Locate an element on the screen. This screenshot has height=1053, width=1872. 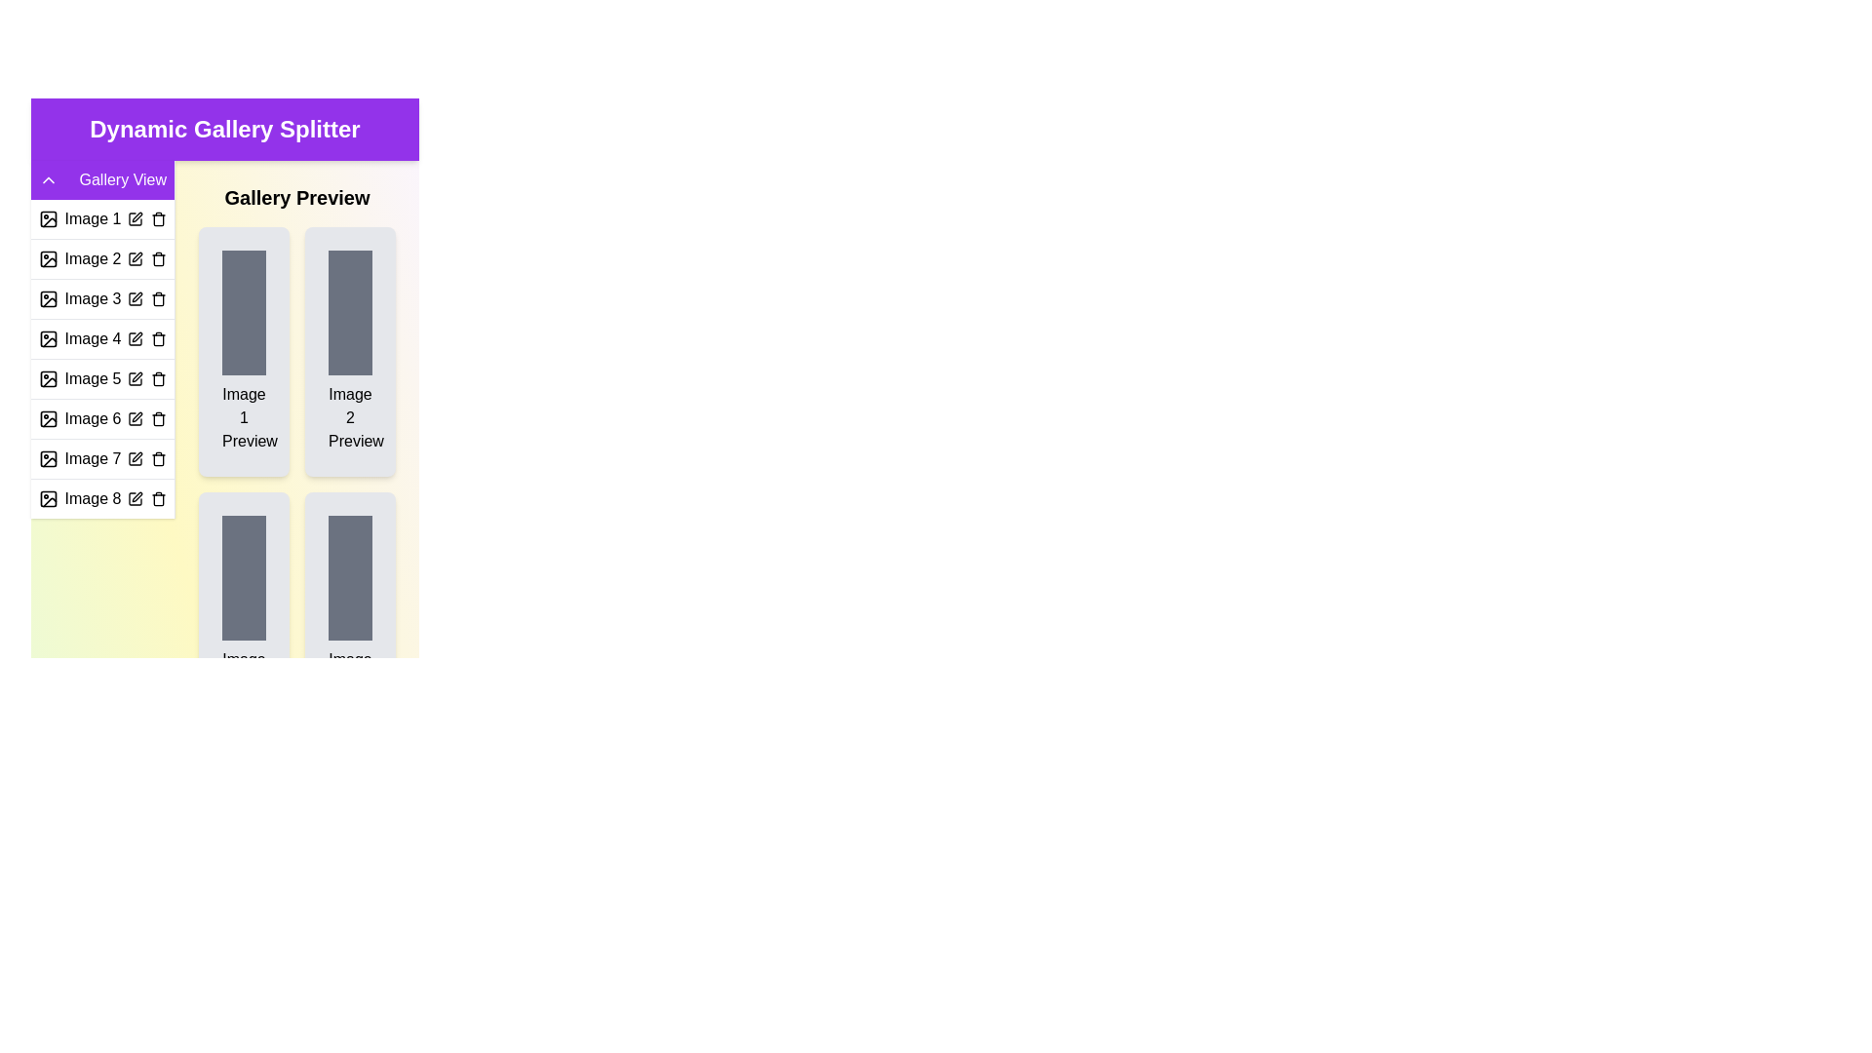
the icon indicator for 'Image 6' in the 'Gallery View' sidebar is located at coordinates (48, 417).